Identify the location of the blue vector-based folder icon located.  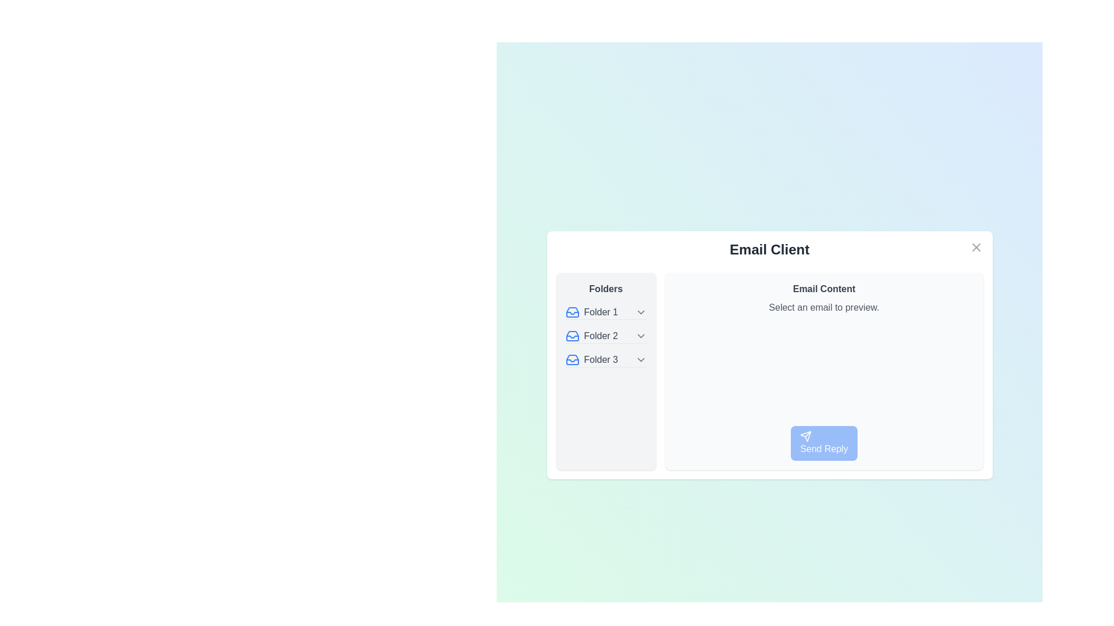
(572, 312).